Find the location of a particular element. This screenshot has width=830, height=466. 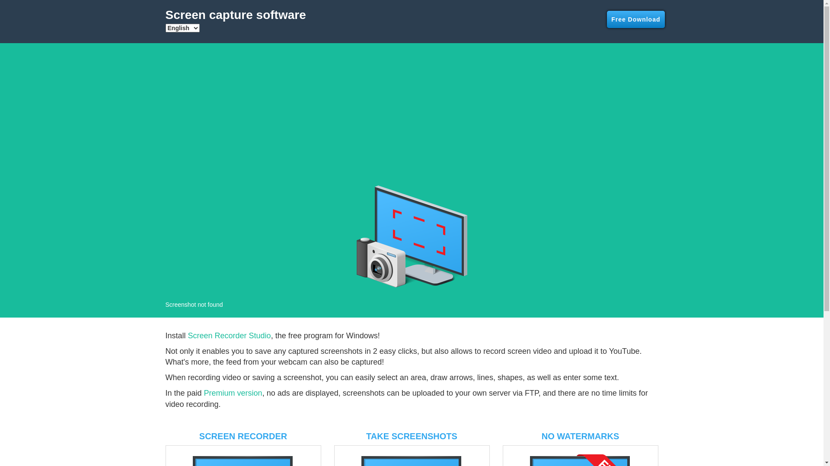

'Premium version' is located at coordinates (233, 393).